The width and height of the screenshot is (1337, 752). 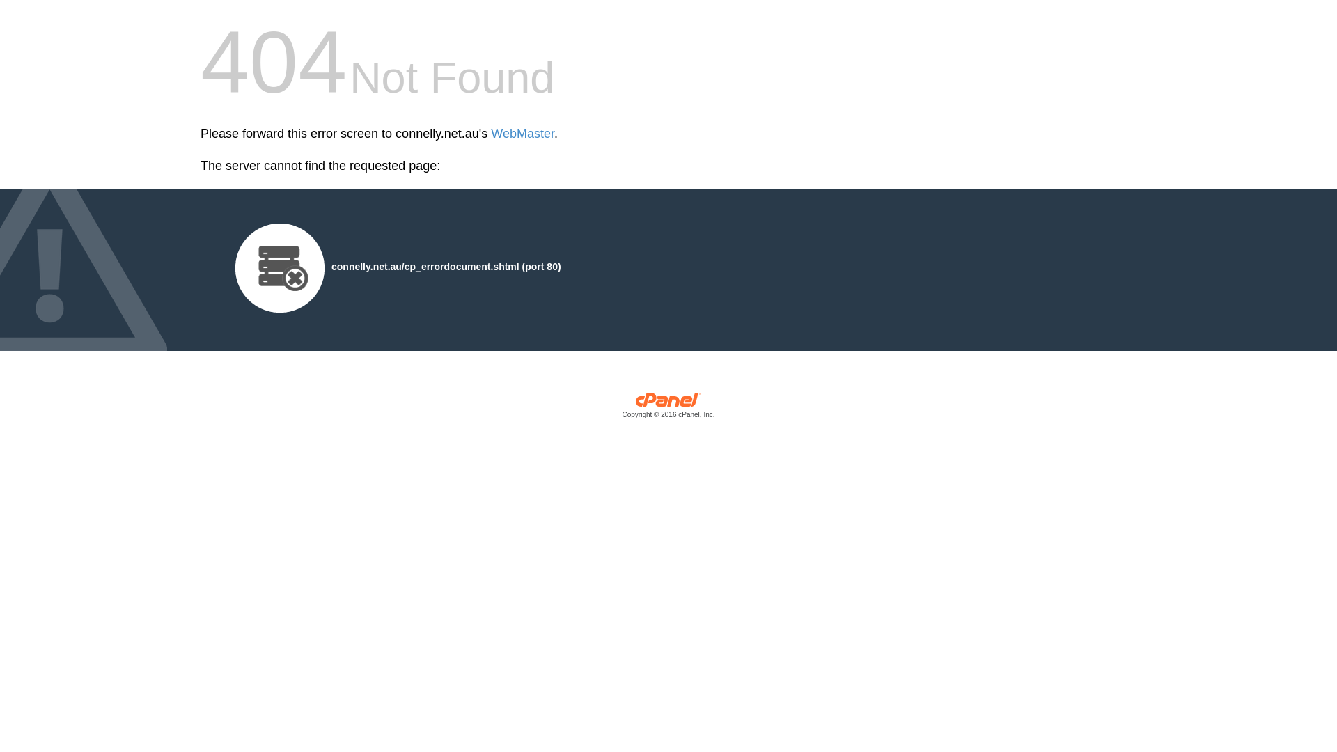 What do you see at coordinates (522, 134) in the screenshot?
I see `'WebMaster'` at bounding box center [522, 134].